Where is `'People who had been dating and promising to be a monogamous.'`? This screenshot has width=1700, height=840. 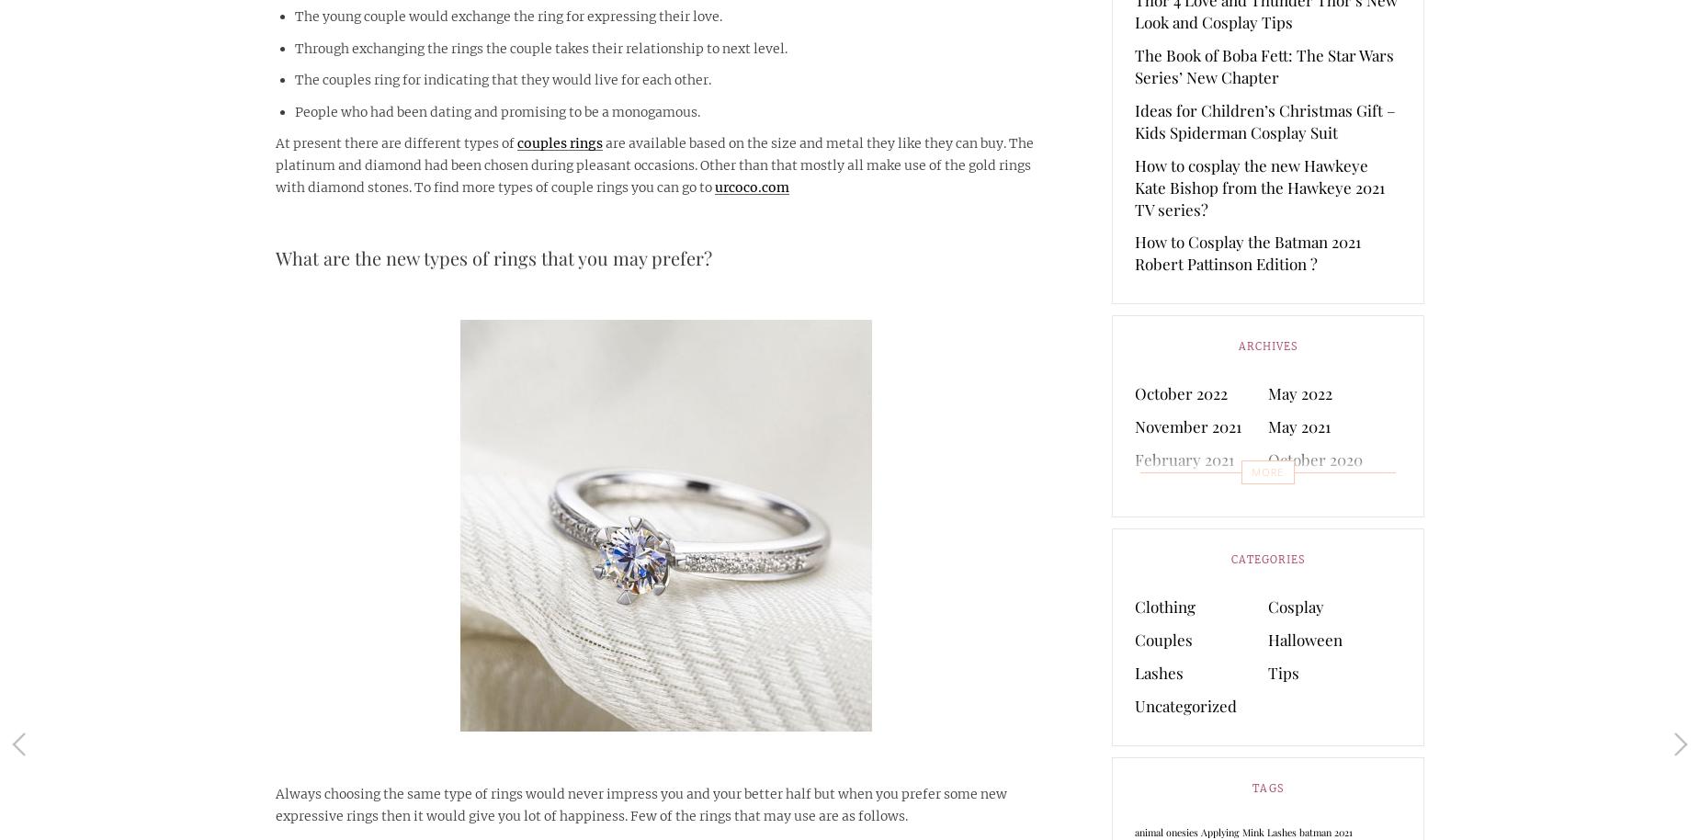
'People who had been dating and promising to be a monogamous.' is located at coordinates (496, 111).